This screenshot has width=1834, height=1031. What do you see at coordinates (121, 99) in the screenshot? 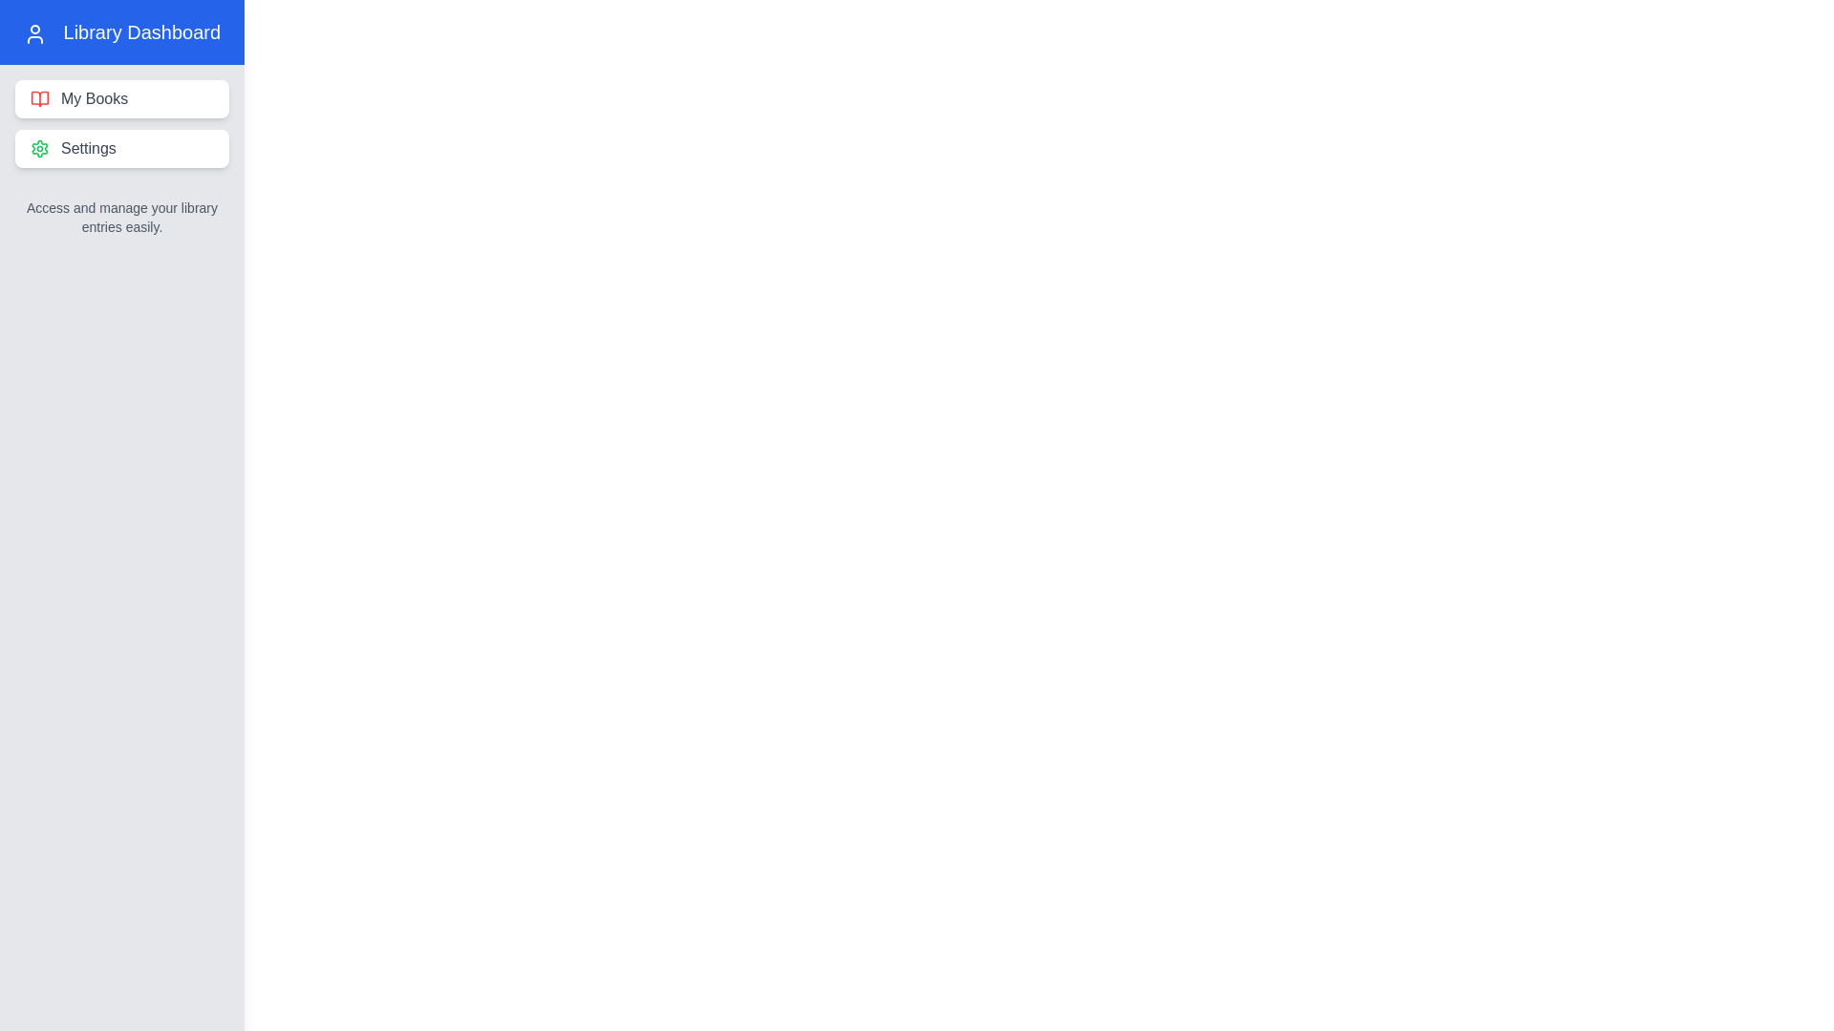
I see `'My Books' button in the drawer` at bounding box center [121, 99].